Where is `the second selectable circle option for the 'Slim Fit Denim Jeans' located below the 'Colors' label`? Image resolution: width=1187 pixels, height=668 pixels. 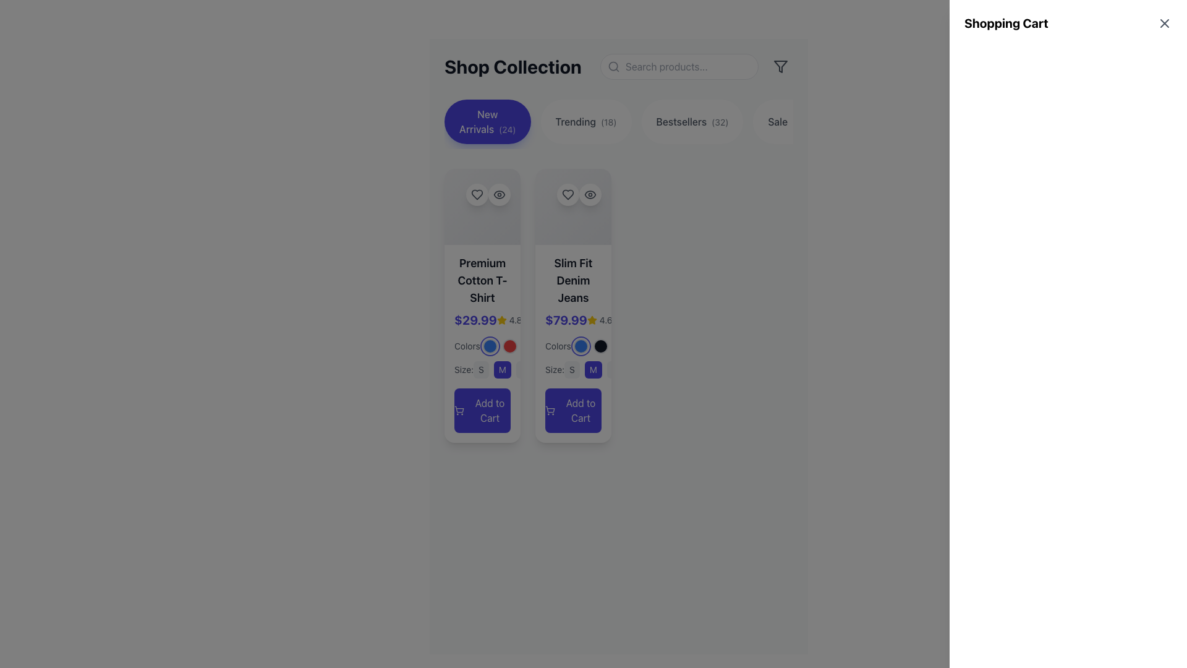
the second selectable circle option for the 'Slim Fit Denim Jeans' located below the 'Colors' label is located at coordinates (600, 346).